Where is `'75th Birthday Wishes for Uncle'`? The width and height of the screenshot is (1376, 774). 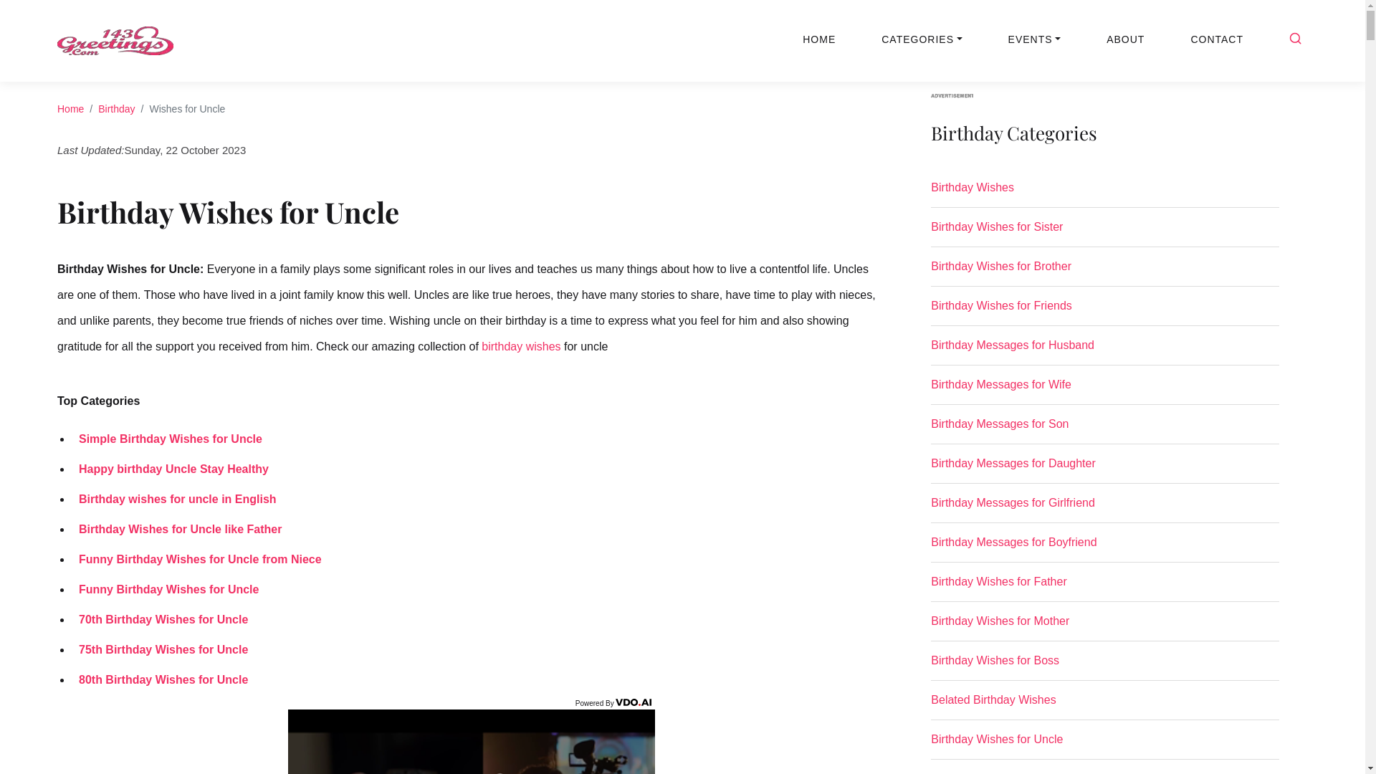
'75th Birthday Wishes for Uncle' is located at coordinates (159, 649).